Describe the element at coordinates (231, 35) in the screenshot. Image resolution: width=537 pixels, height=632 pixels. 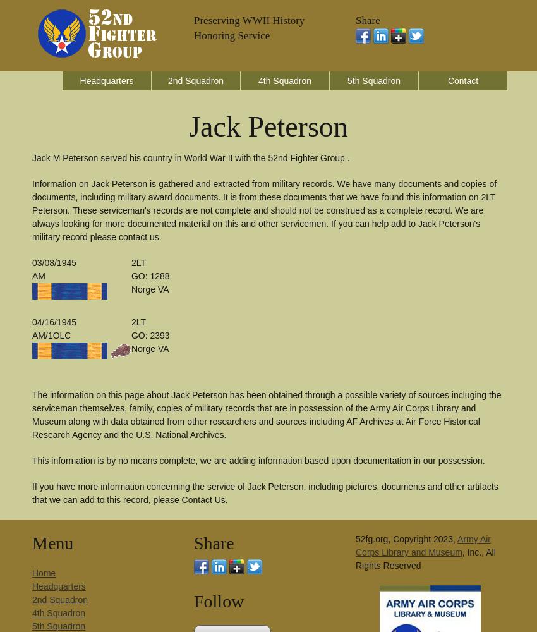
I see `'Honoring Service'` at that location.